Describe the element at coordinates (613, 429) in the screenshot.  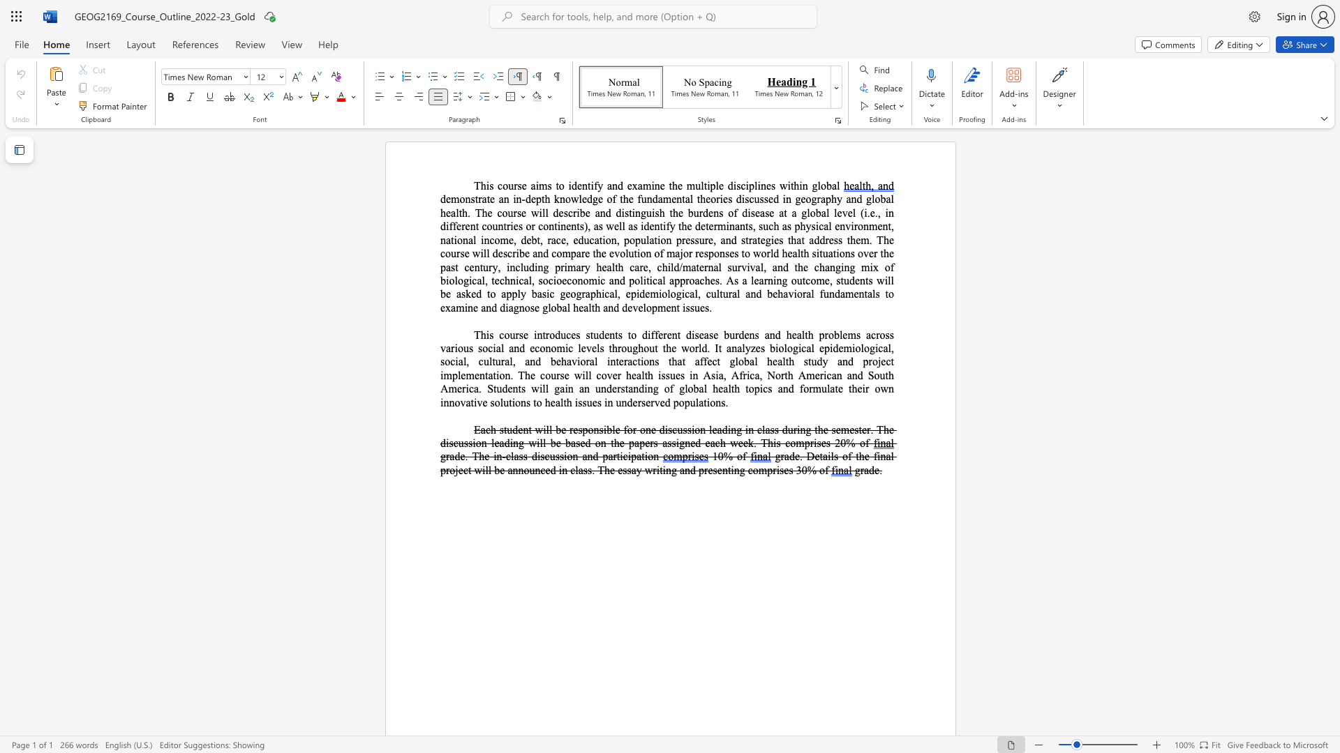
I see `the 1th character "l" in the text` at that location.